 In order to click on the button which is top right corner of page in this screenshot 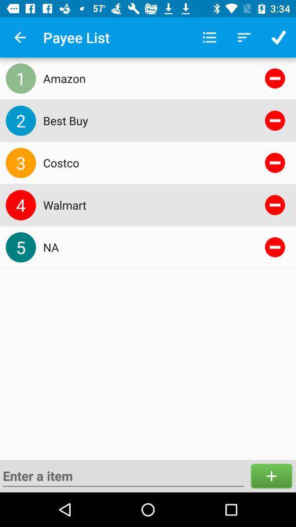, I will do `click(278, 37)`.